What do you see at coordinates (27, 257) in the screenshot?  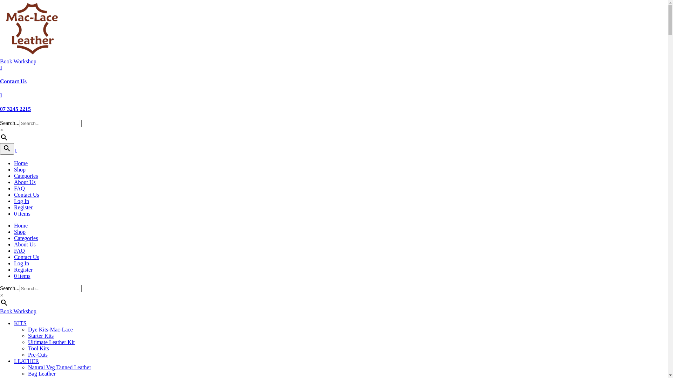 I see `'Contact Us'` at bounding box center [27, 257].